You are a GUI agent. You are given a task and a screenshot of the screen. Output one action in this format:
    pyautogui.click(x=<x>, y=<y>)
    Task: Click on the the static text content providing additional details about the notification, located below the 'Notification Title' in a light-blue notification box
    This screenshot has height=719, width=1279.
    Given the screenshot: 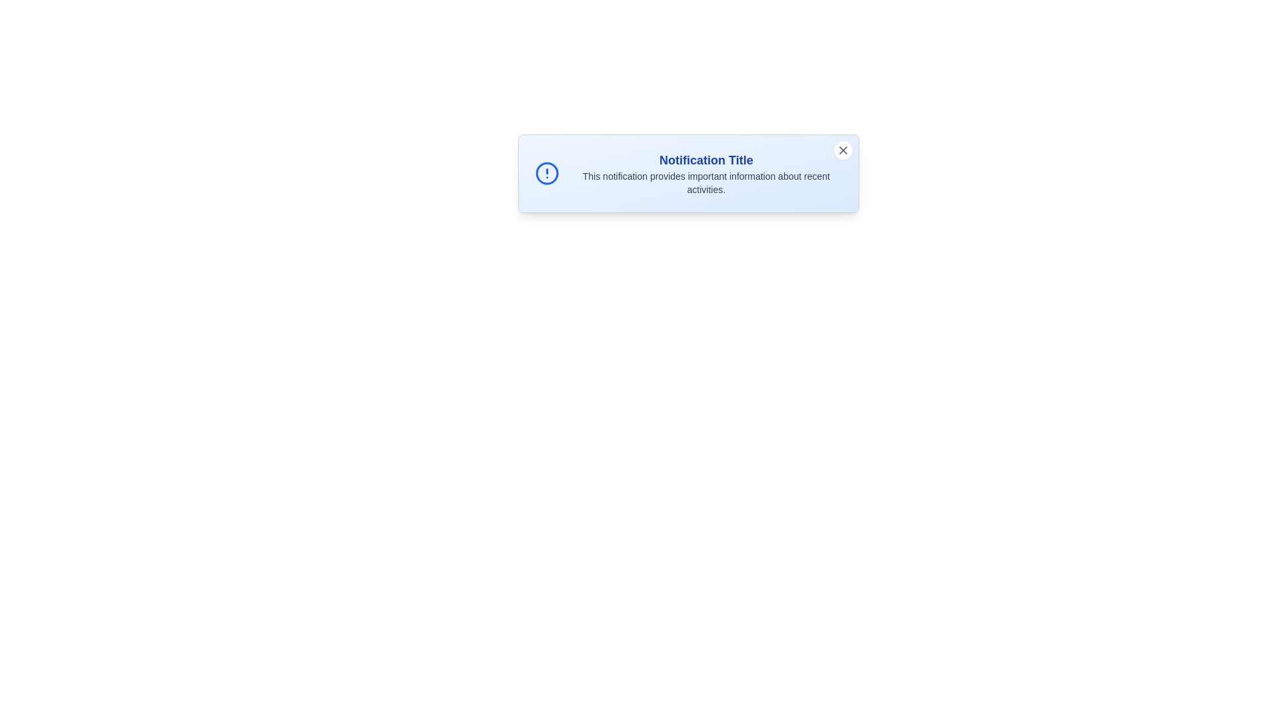 What is the action you would take?
    pyautogui.click(x=705, y=182)
    